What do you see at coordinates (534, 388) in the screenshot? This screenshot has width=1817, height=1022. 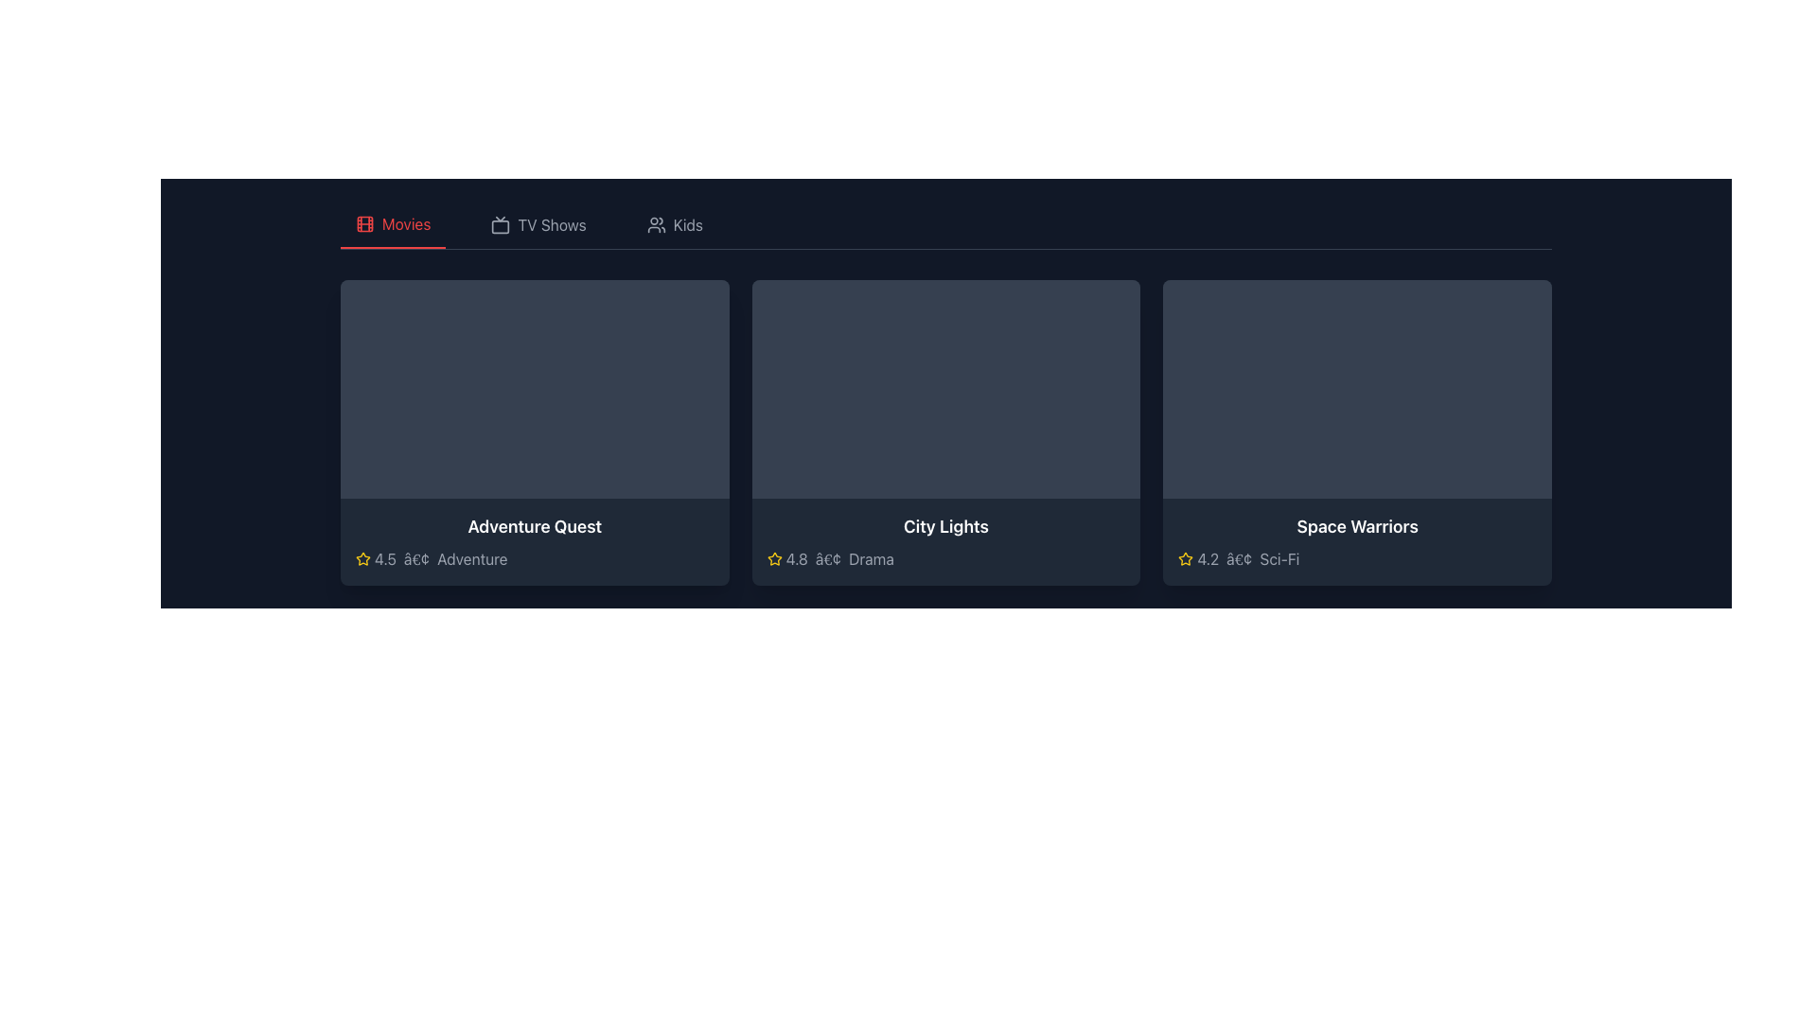 I see `the dark gray placeholder for a visual component located above the 'Adventure Quest' title in the left card of the horizontal row` at bounding box center [534, 388].